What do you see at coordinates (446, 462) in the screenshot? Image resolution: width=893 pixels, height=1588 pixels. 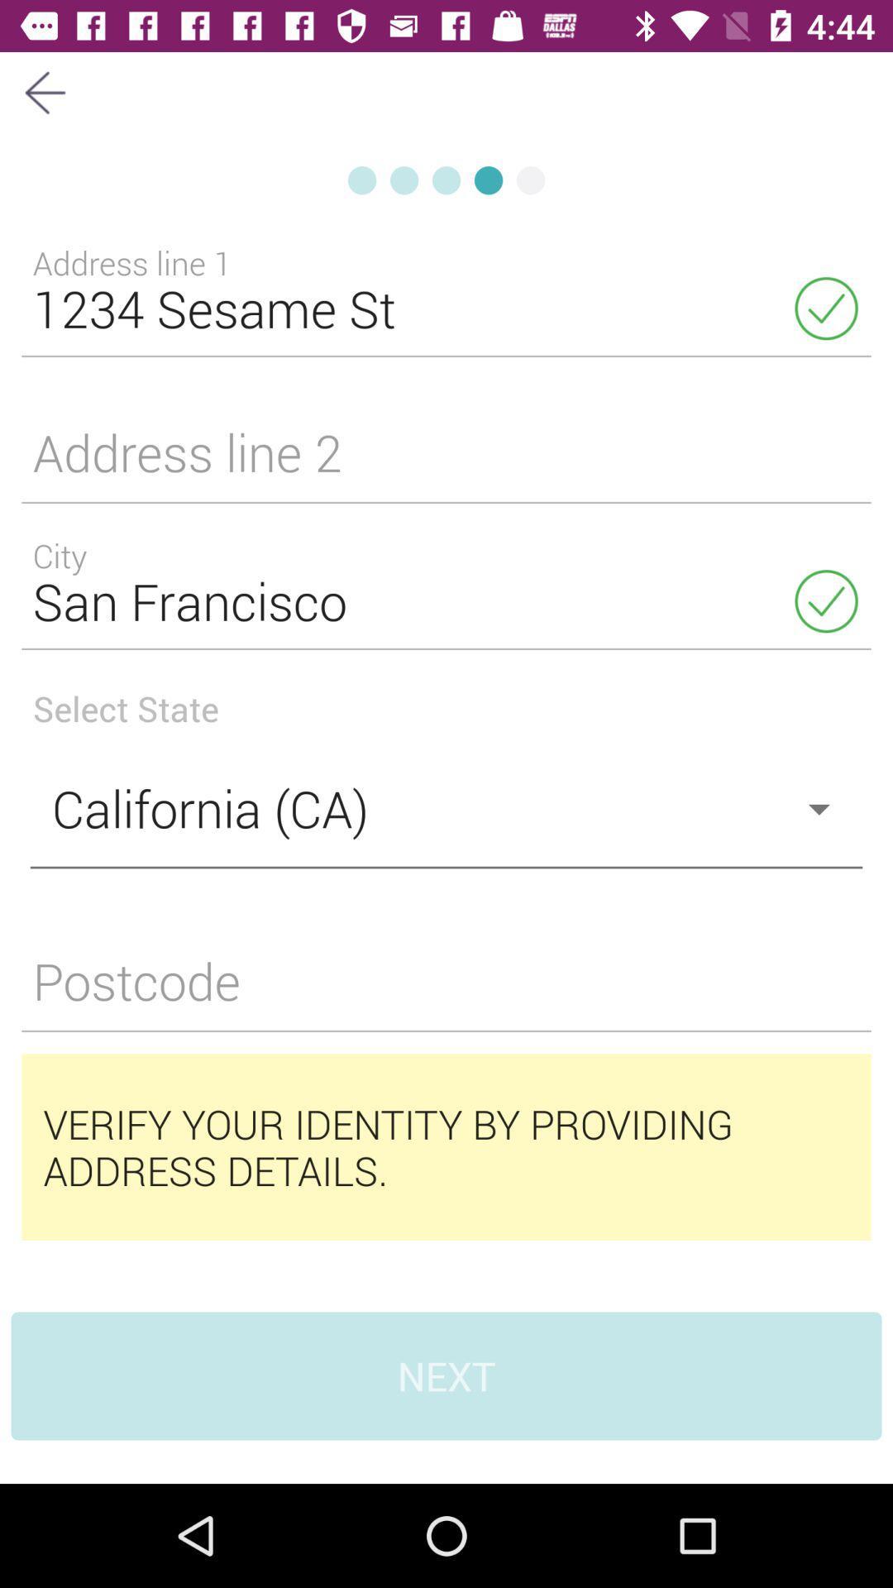 I see `wirtting to the address` at bounding box center [446, 462].